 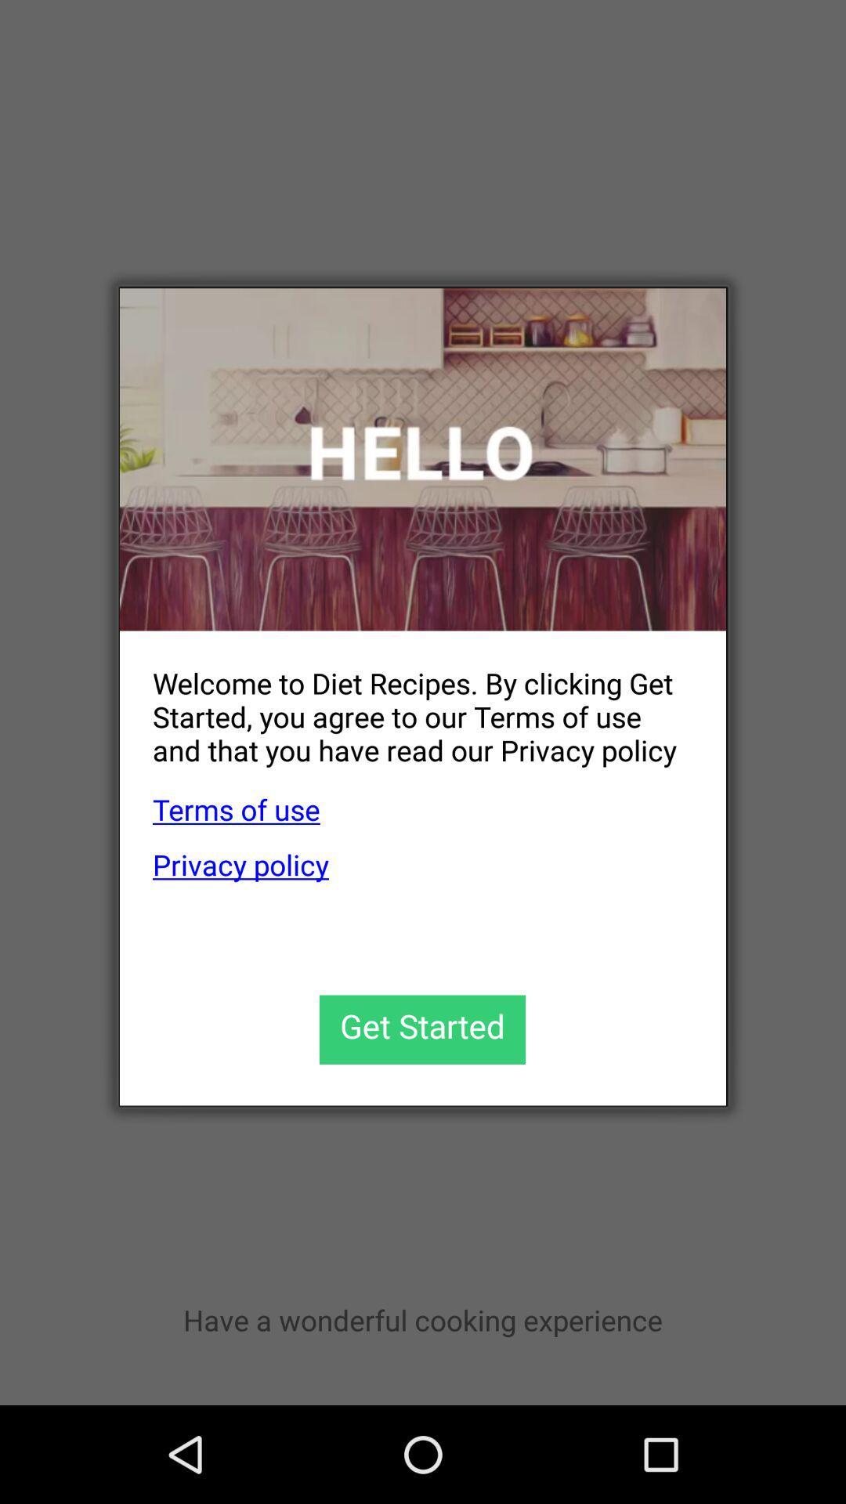 What do you see at coordinates (421, 1029) in the screenshot?
I see `item below privacy policy item` at bounding box center [421, 1029].